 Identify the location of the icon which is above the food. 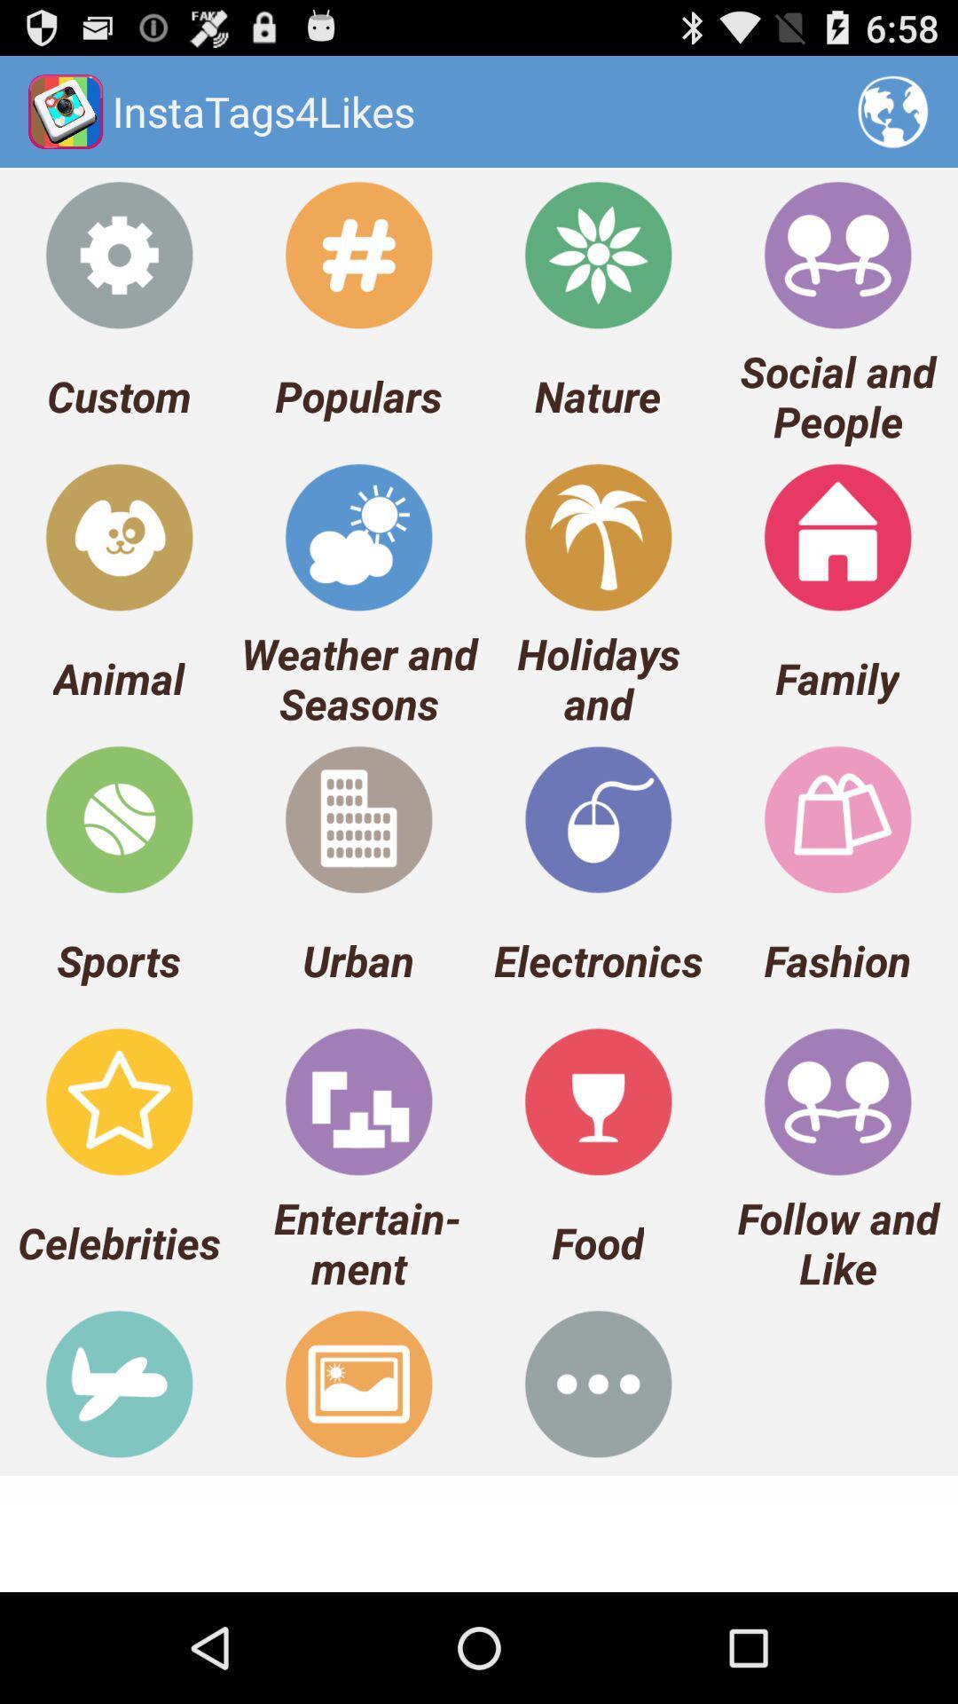
(598, 1100).